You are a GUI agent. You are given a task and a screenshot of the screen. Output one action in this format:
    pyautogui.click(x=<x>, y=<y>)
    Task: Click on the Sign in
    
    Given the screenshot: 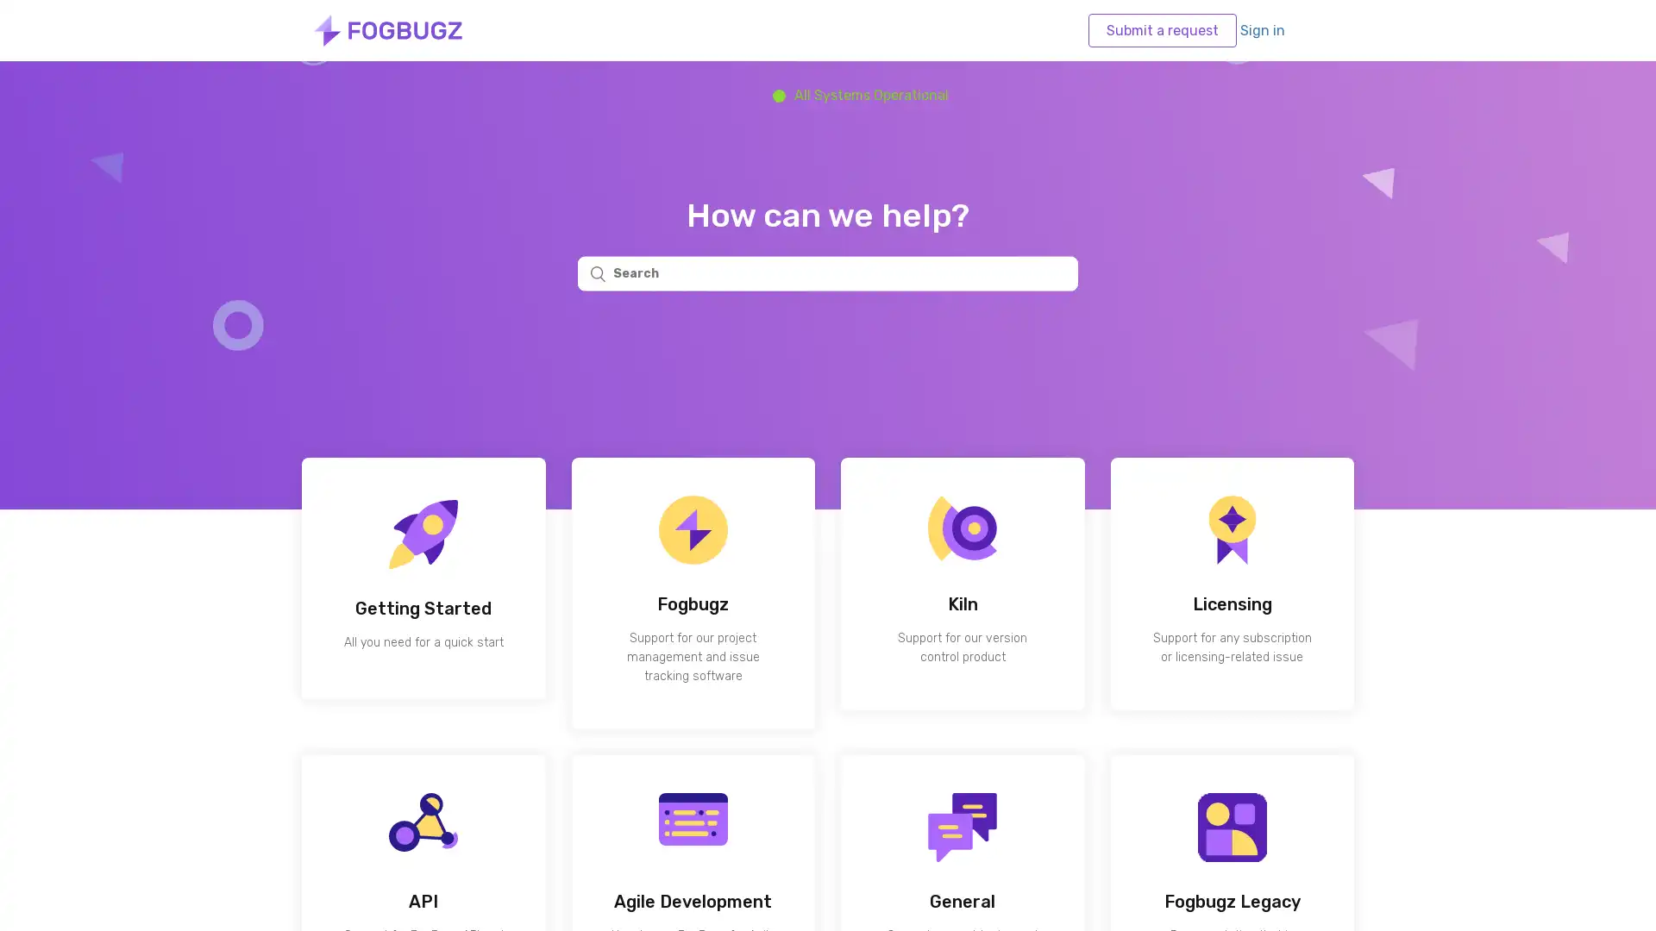 What is the action you would take?
    pyautogui.click(x=1270, y=29)
    